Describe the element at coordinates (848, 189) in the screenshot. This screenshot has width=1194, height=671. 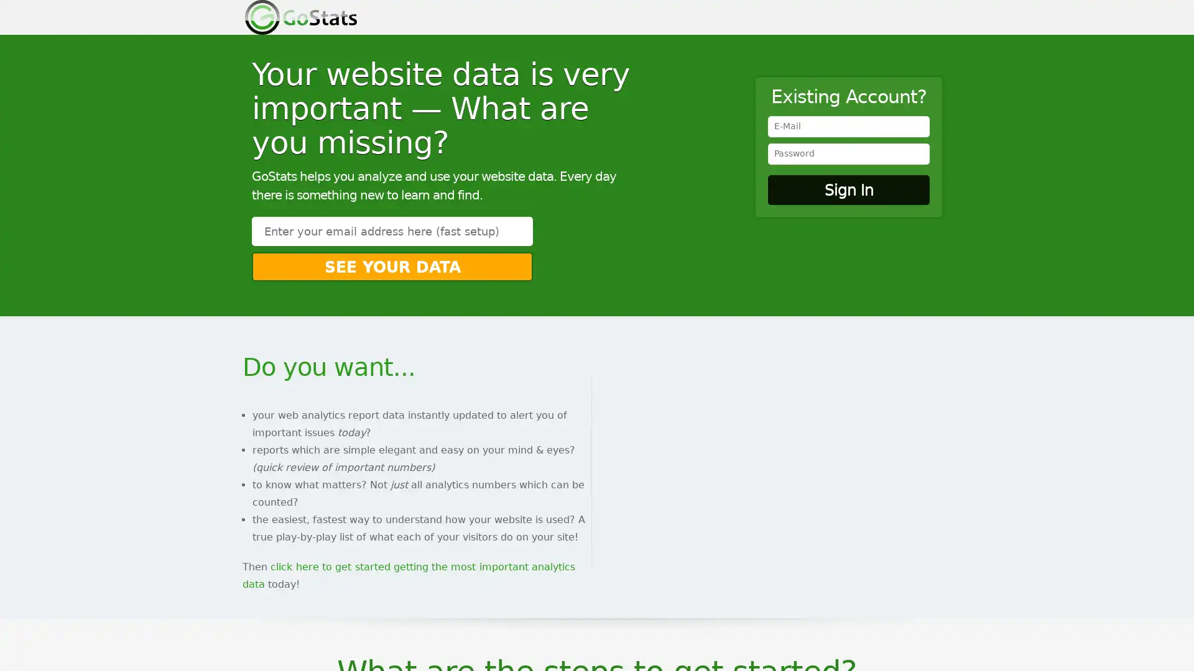
I see `Sign In` at that location.